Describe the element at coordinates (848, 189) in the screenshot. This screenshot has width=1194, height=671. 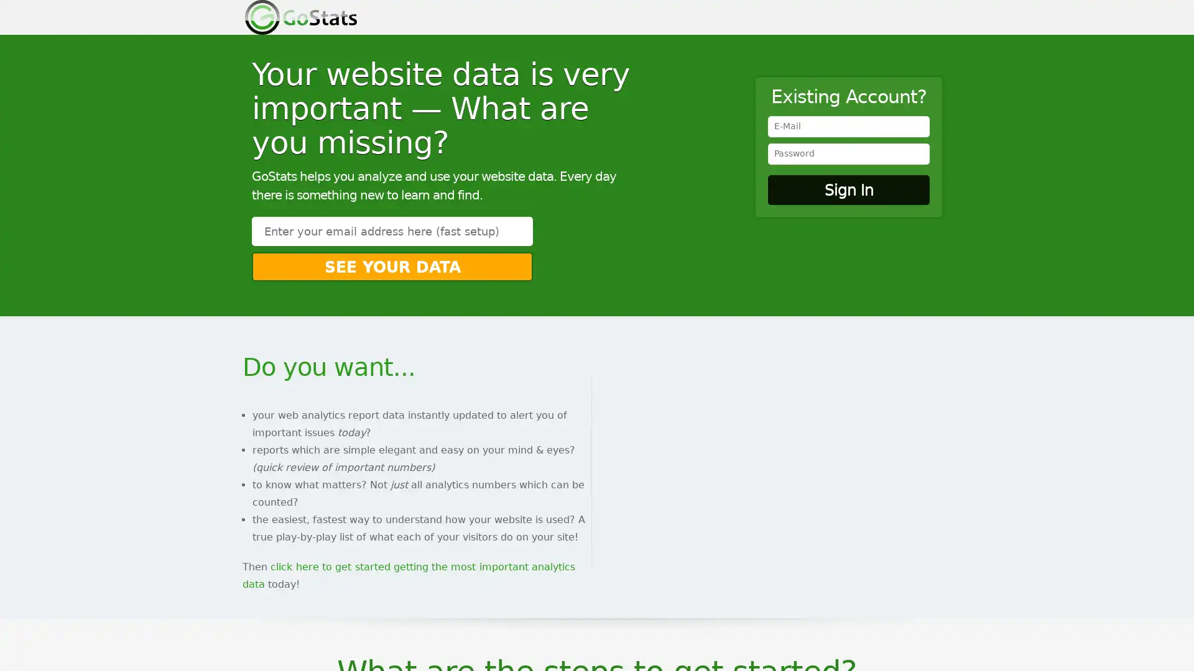
I see `Sign In` at that location.